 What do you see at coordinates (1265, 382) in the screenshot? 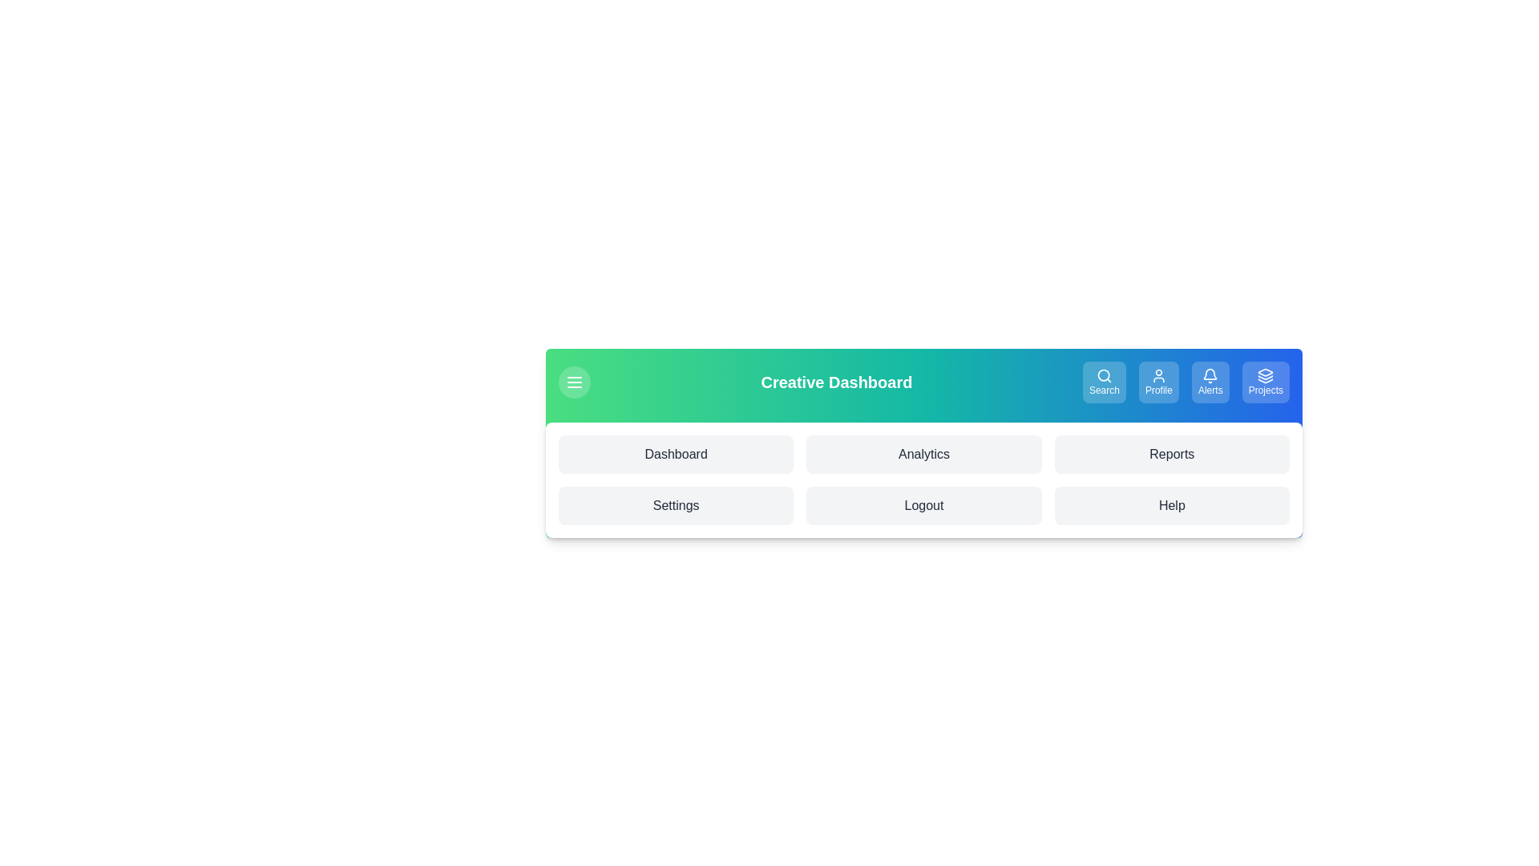
I see `the 'Projects' button to manage projects` at bounding box center [1265, 382].